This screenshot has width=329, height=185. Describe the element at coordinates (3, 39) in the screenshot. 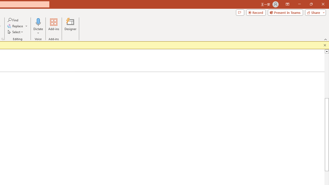

I see `'Format Object...'` at that location.